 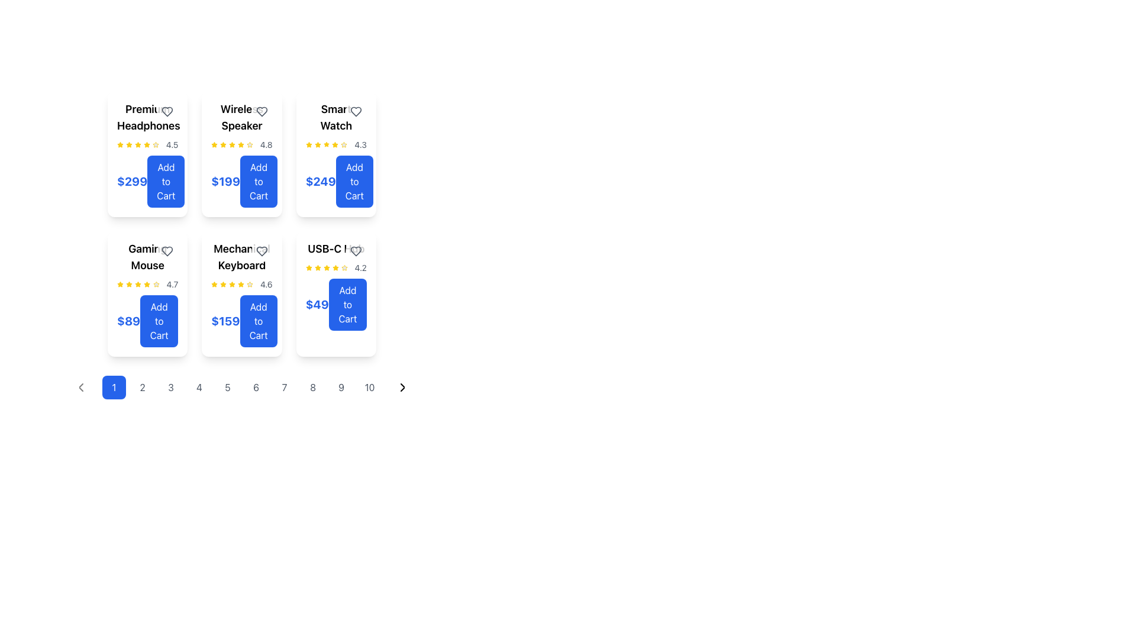 What do you see at coordinates (240, 285) in the screenshot?
I see `the sixth star icon in the rating section of the 'Mechanical Keyboard' card to analyze its visual representation of a 4.6 average rating` at bounding box center [240, 285].